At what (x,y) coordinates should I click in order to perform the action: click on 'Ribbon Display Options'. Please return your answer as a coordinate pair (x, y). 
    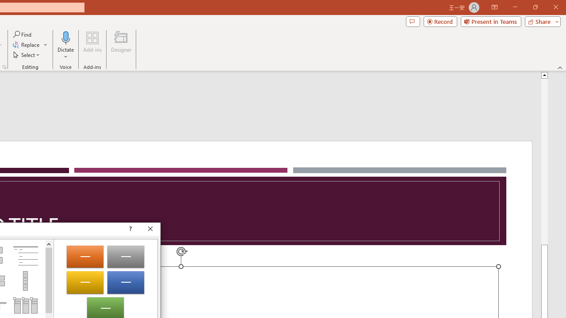
    Looking at the image, I should click on (494, 7).